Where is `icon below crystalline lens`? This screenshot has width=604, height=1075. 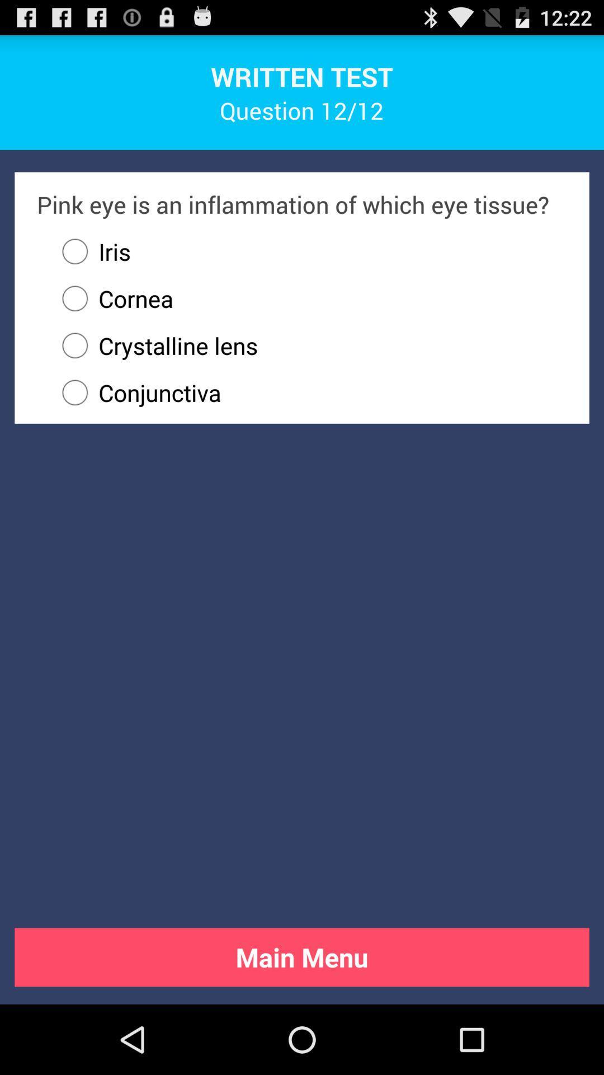 icon below crystalline lens is located at coordinates (309, 392).